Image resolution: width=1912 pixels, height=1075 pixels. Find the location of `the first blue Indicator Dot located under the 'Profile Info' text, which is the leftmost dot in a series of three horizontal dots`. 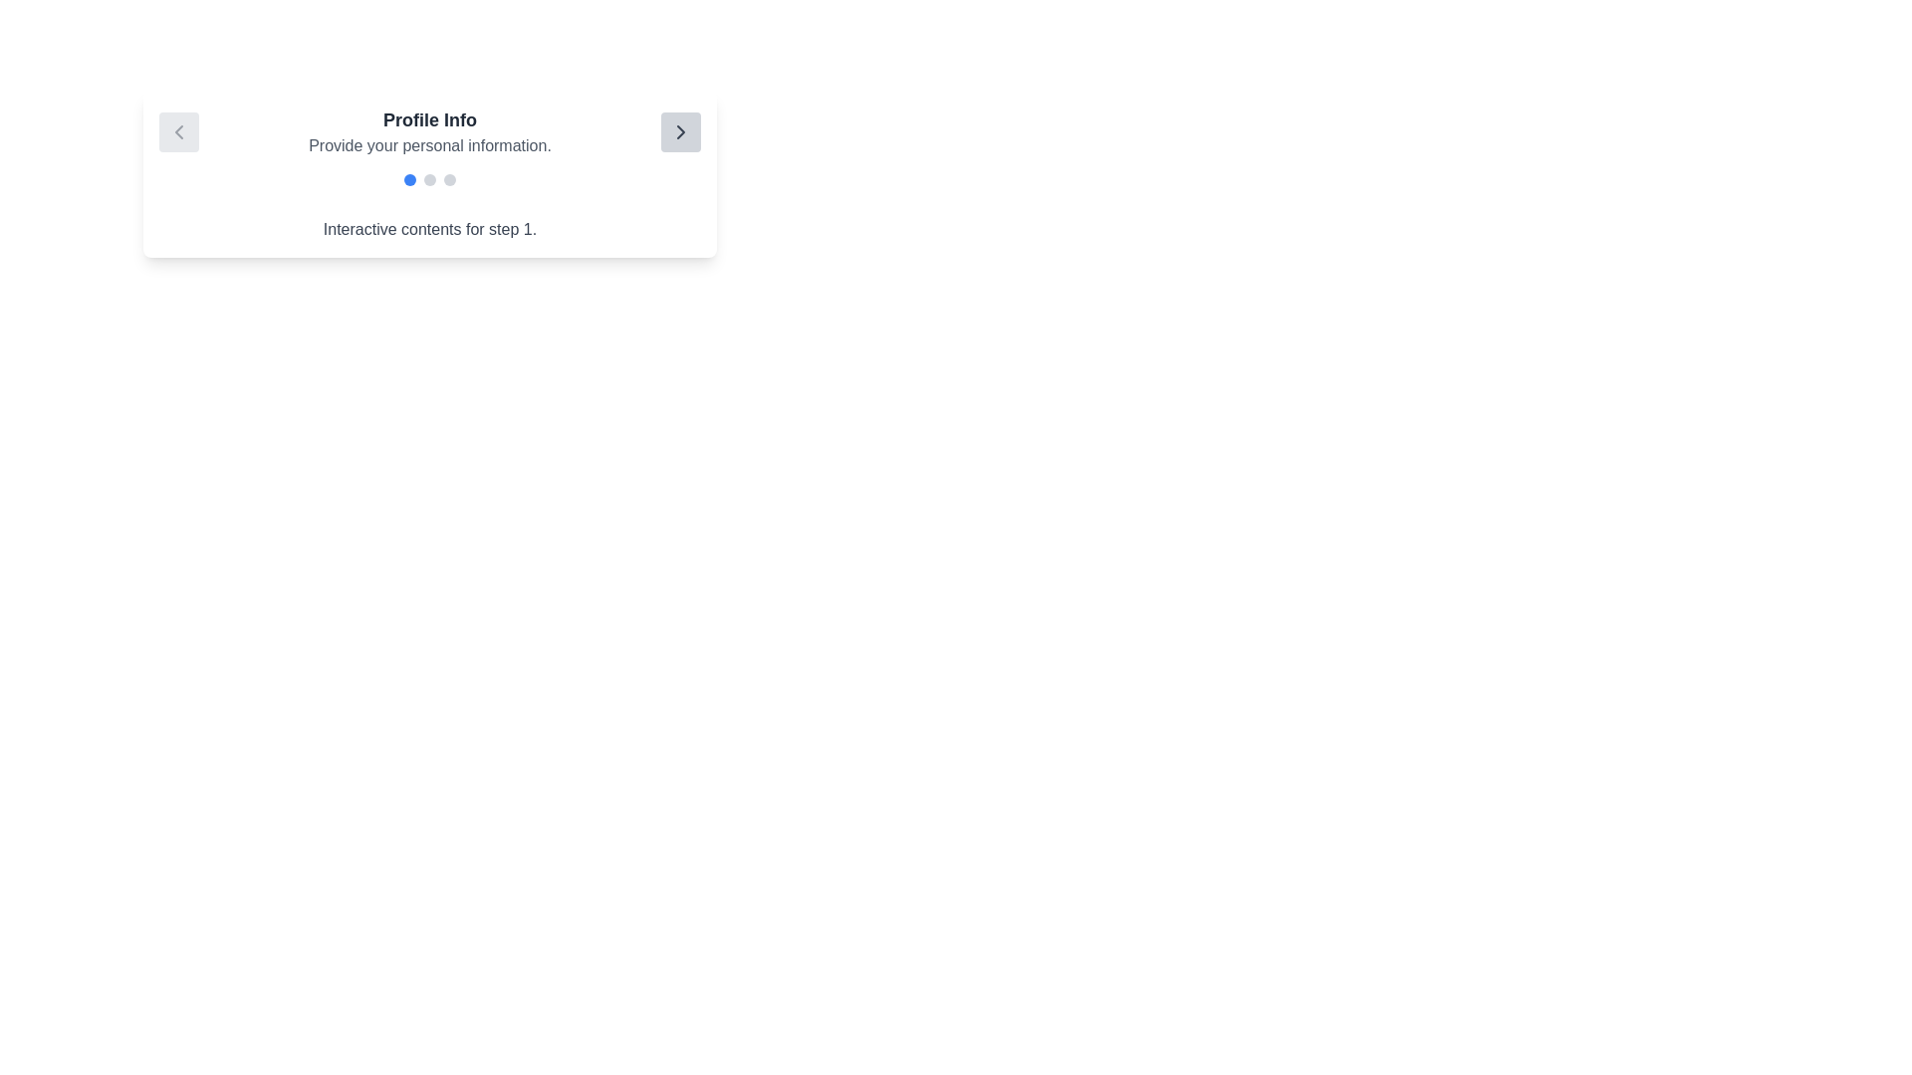

the first blue Indicator Dot located under the 'Profile Info' text, which is the leftmost dot in a series of three horizontal dots is located at coordinates (409, 180).